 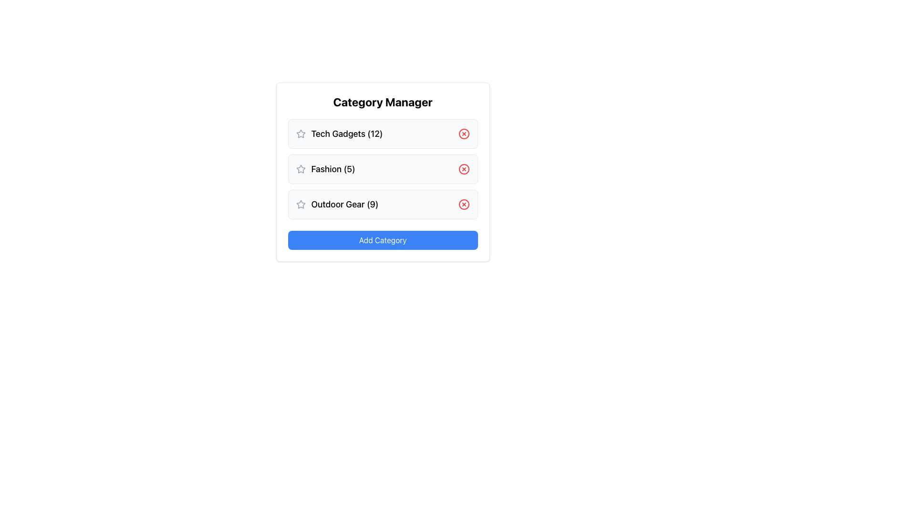 What do you see at coordinates (383, 102) in the screenshot?
I see `the text header labeled 'Category Manager', which is styled in bold and larger font, positioned at the top of its content card` at bounding box center [383, 102].